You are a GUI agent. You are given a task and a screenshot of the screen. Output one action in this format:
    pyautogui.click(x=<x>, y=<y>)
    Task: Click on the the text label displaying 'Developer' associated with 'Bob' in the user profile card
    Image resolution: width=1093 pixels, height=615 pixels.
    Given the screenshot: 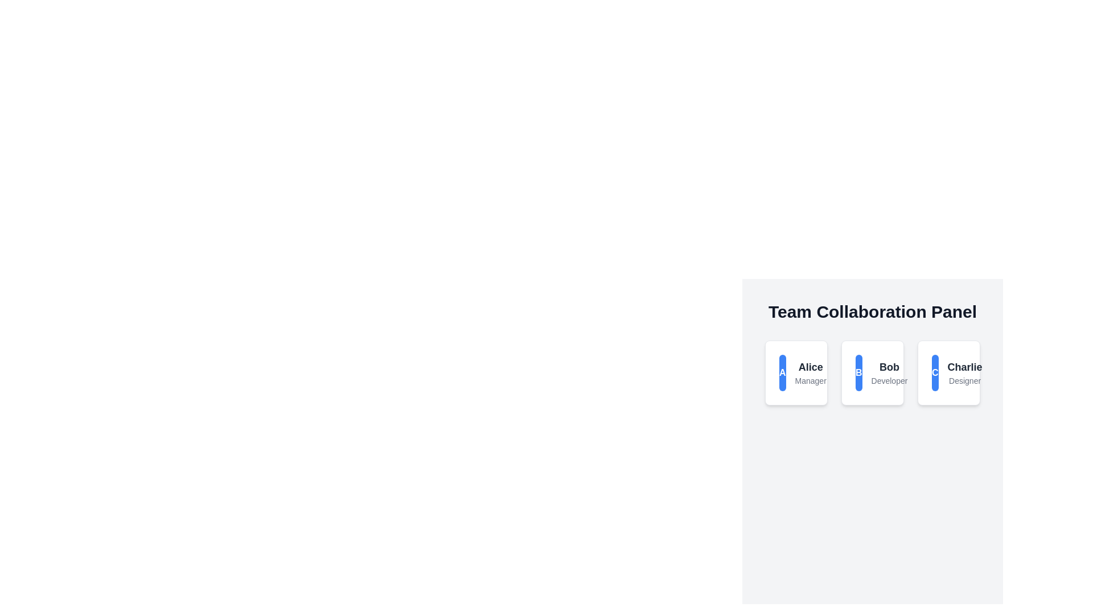 What is the action you would take?
    pyautogui.click(x=889, y=380)
    